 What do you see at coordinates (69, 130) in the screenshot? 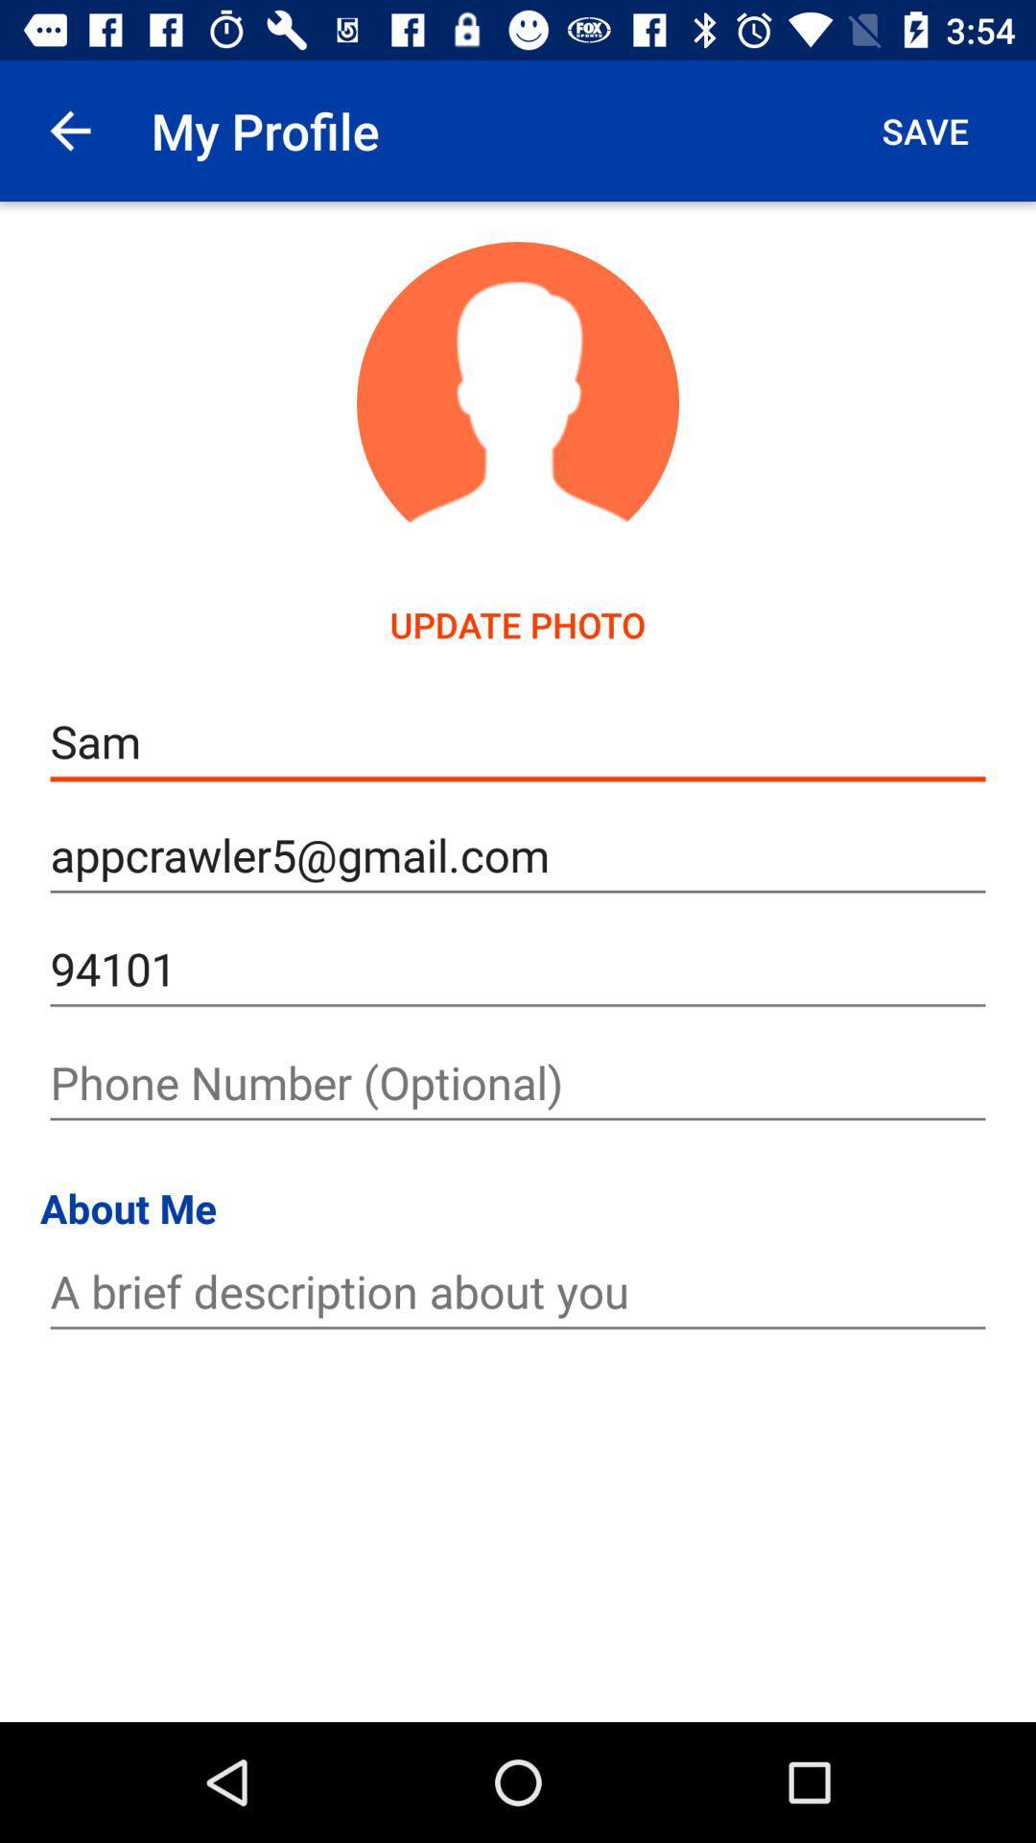
I see `item next to my profile` at bounding box center [69, 130].